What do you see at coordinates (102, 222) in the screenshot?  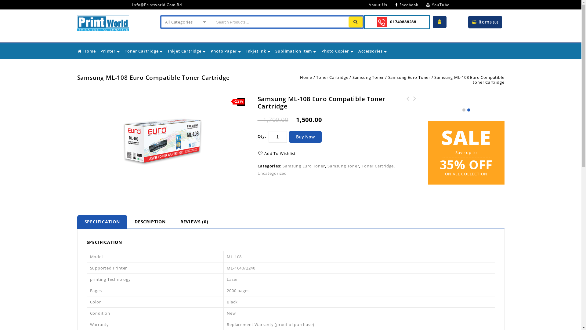 I see `'SPECIFICATION'` at bounding box center [102, 222].